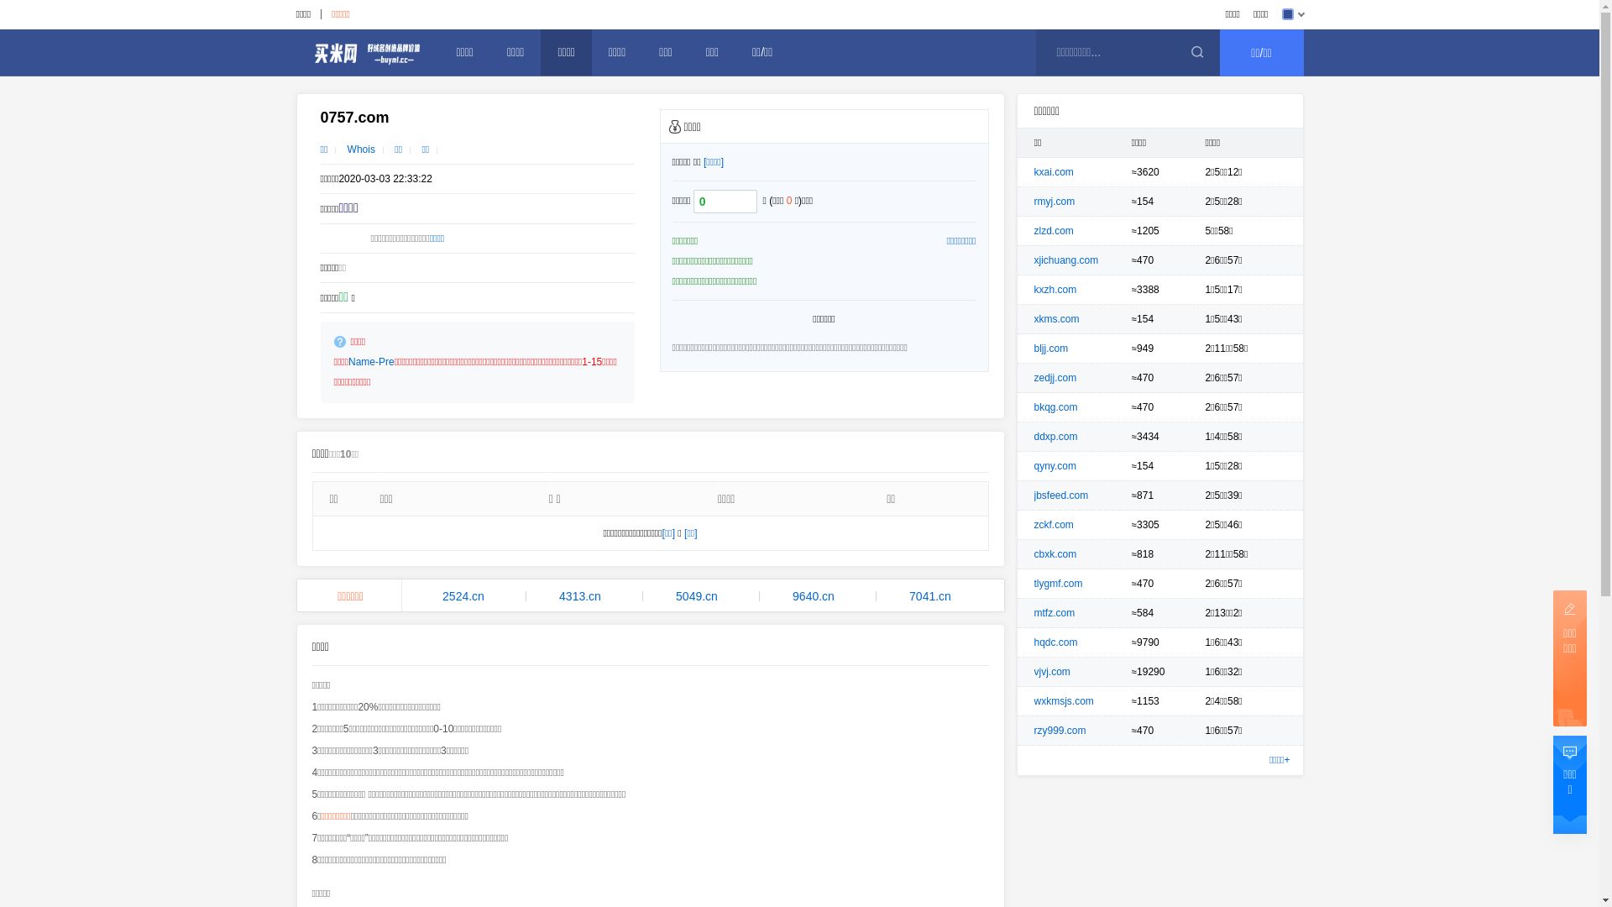  I want to click on 'xjichuang.com', so click(1065, 260).